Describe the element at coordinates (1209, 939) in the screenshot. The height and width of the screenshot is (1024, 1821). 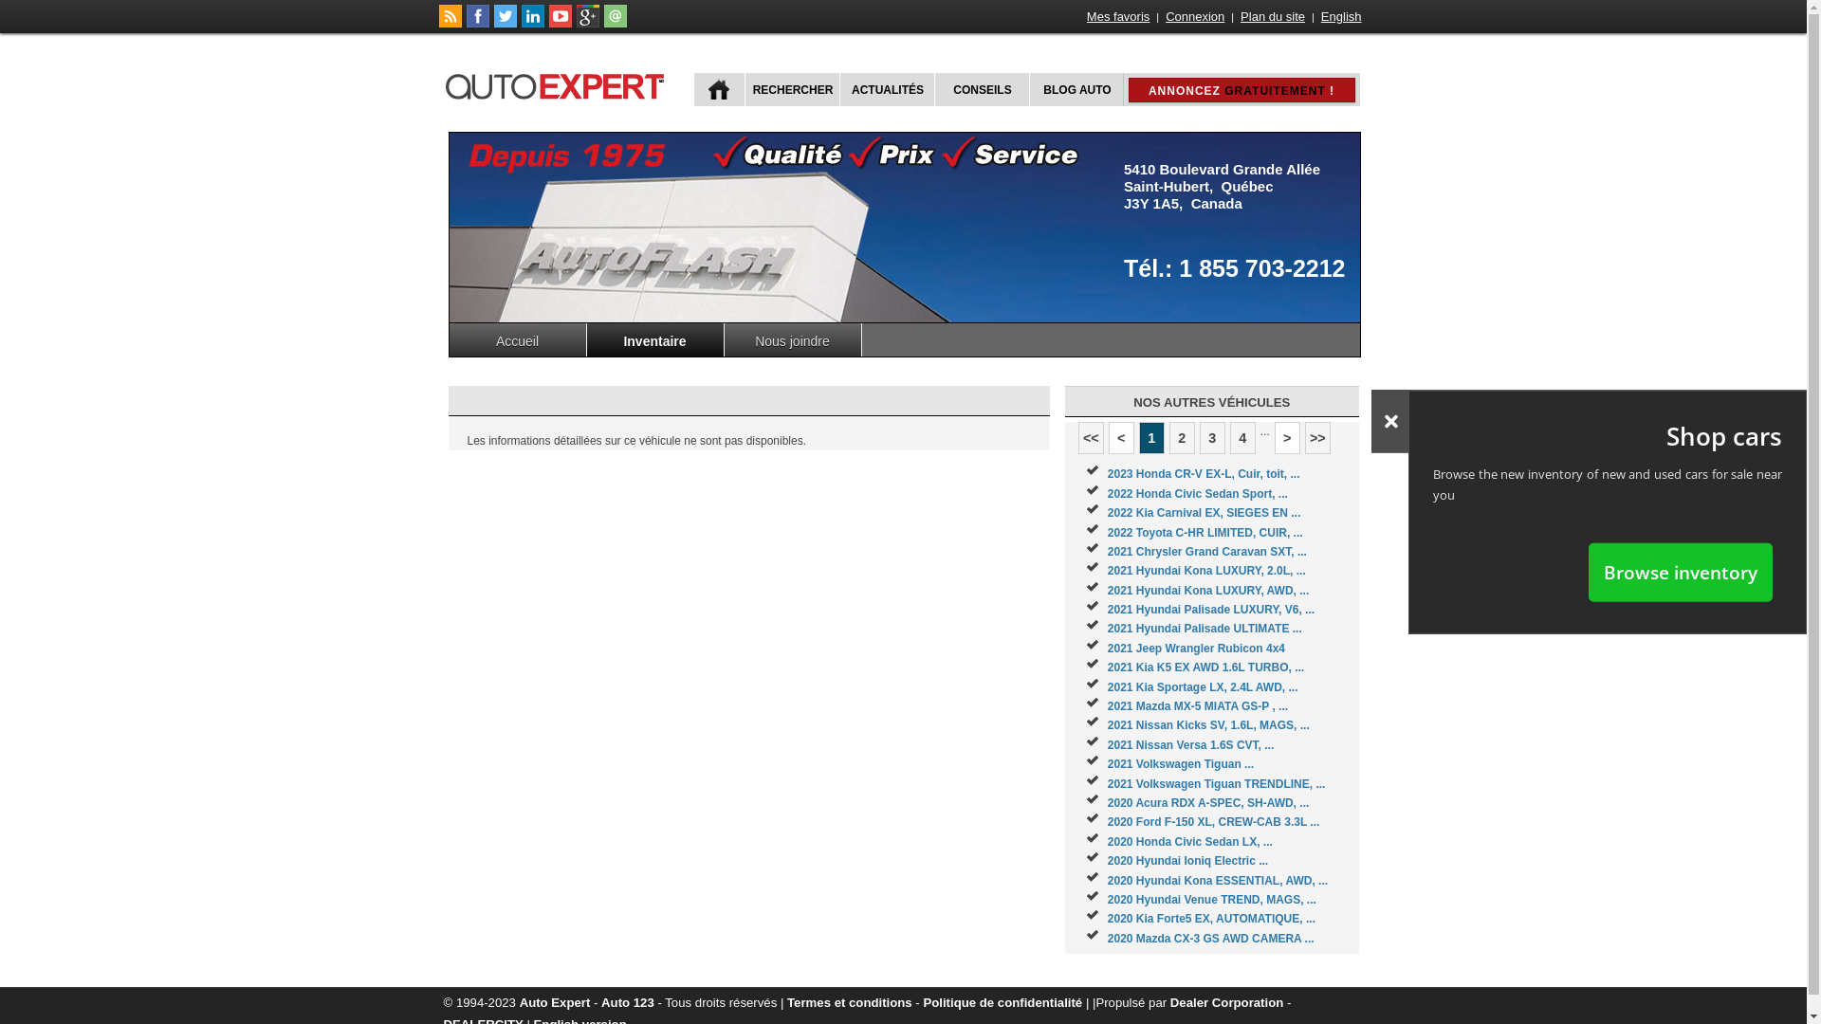
I see `'2020 Mazda CX-3 GS AWD CAMERA ...'` at that location.